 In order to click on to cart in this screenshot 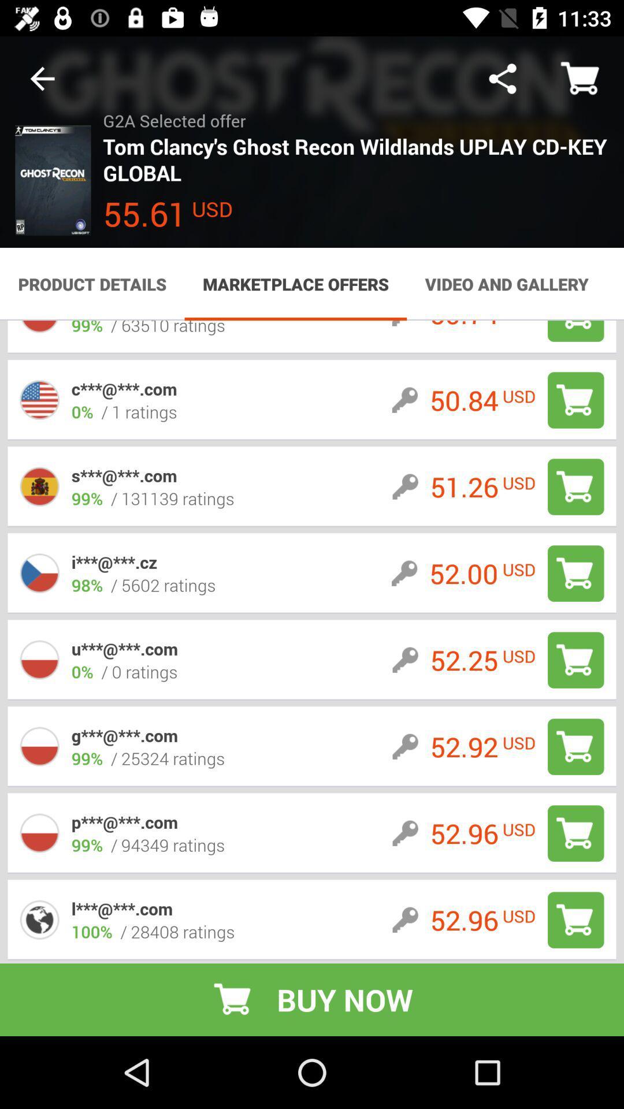, I will do `click(575, 920)`.